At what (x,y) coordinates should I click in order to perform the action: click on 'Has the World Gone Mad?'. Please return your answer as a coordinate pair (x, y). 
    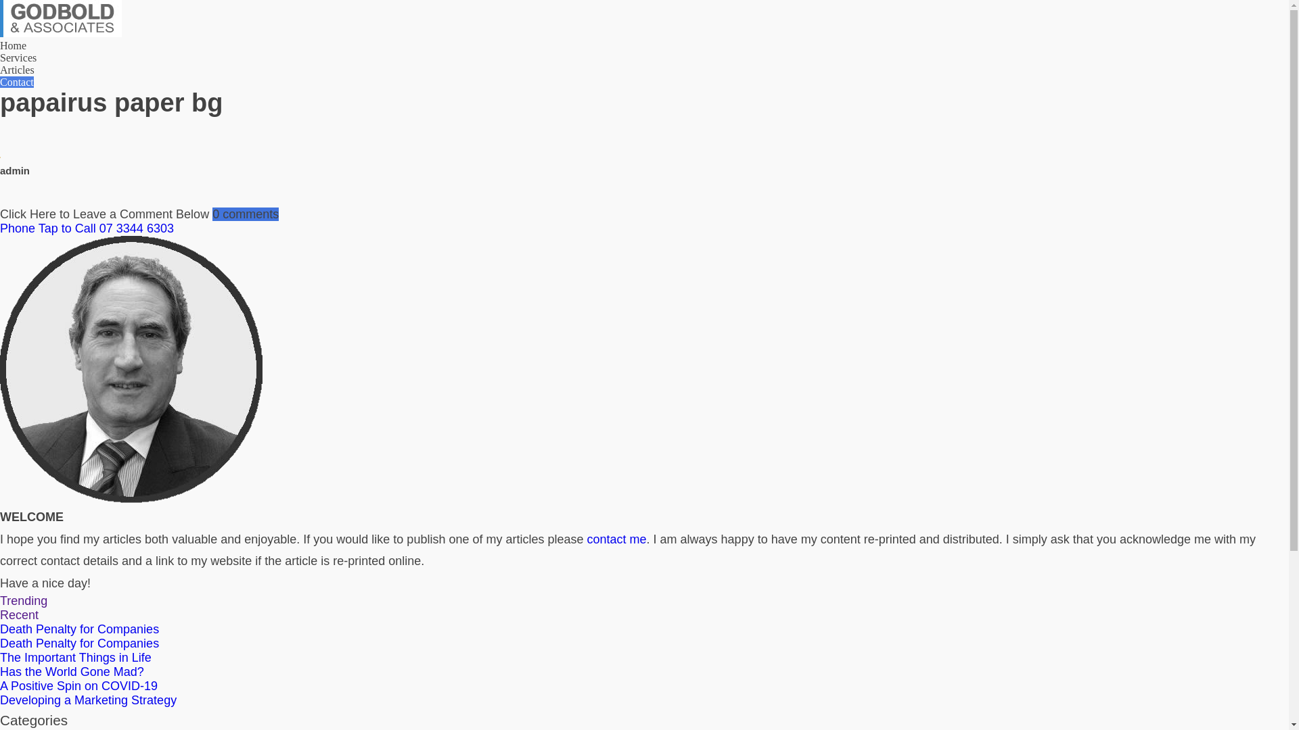
    Looking at the image, I should click on (0, 672).